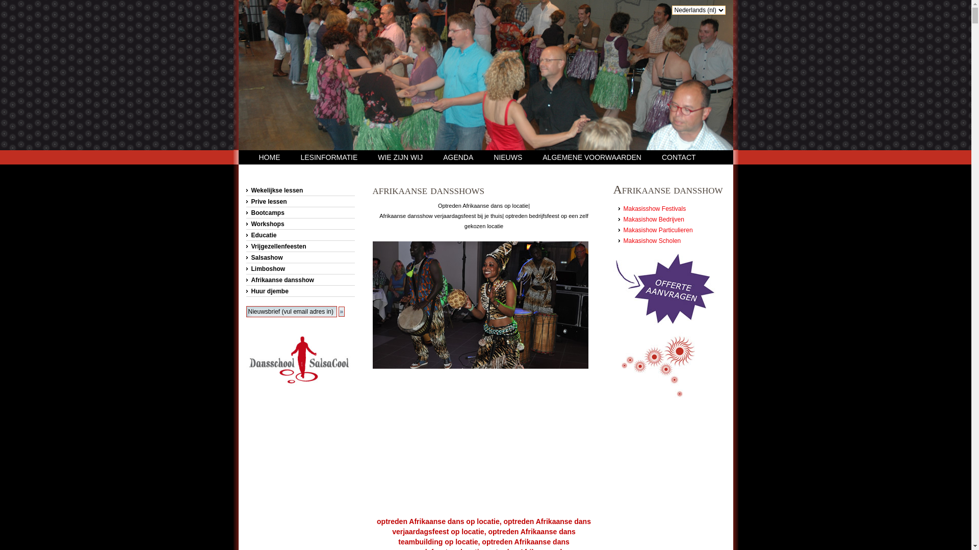 The width and height of the screenshot is (979, 550). Describe the element at coordinates (654, 208) in the screenshot. I see `'Makasisshow Festivals'` at that location.